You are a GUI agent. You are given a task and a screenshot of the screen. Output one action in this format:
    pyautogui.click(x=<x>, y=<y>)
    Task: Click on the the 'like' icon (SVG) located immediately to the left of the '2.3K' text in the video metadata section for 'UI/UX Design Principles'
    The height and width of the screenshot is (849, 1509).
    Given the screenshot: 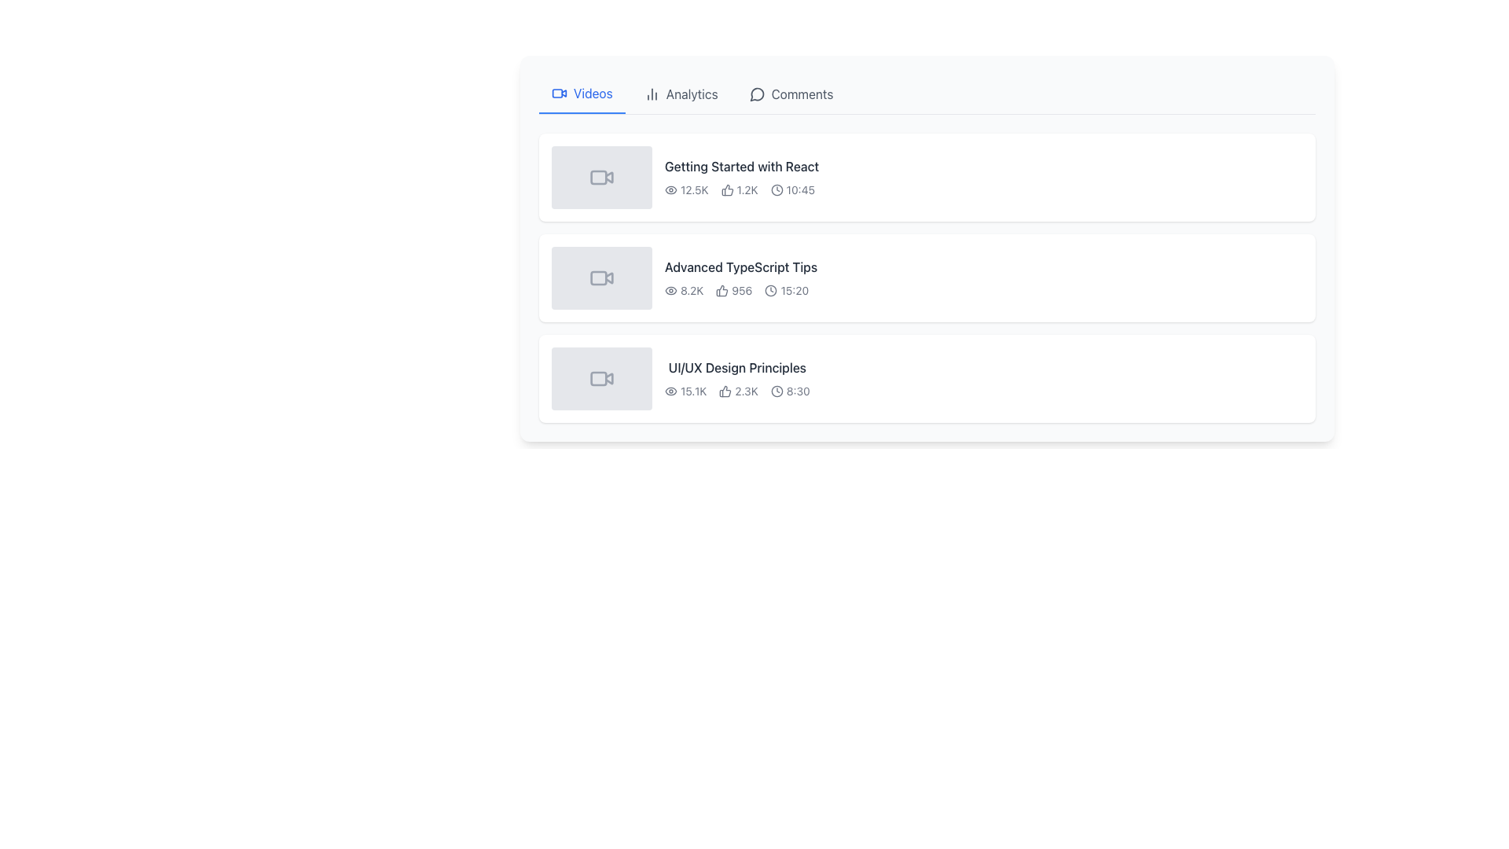 What is the action you would take?
    pyautogui.click(x=725, y=390)
    